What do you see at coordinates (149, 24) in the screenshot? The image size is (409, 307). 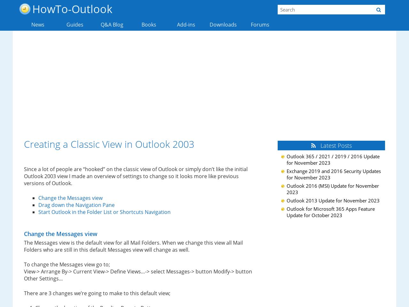 I see `'Books'` at bounding box center [149, 24].